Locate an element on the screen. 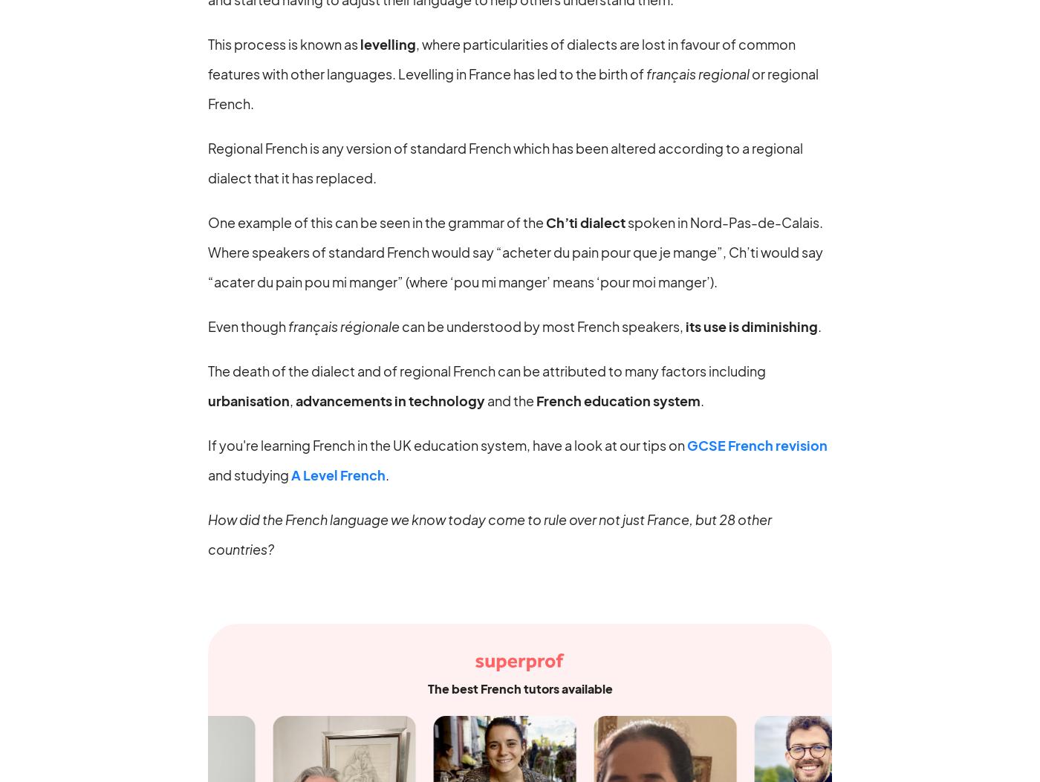  'How did the French language we know today come to rule over not just France, but 28 other countries?' is located at coordinates (490, 533).